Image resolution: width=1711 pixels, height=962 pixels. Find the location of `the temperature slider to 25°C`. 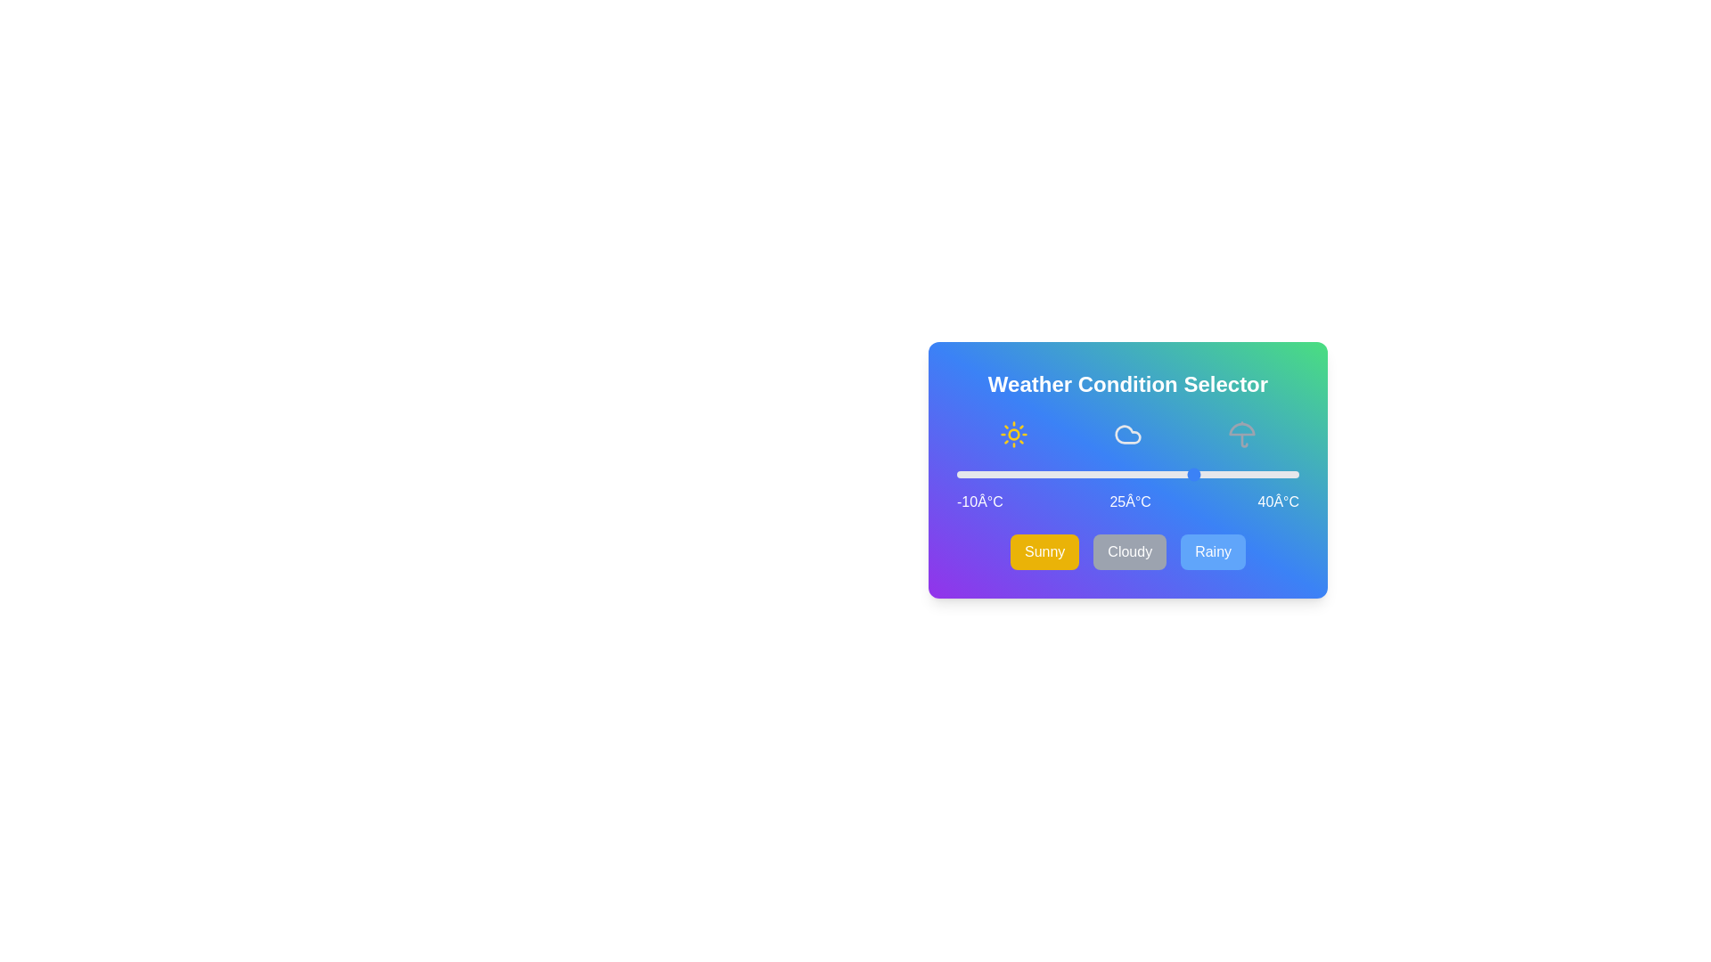

the temperature slider to 25°C is located at coordinates (1196, 473).